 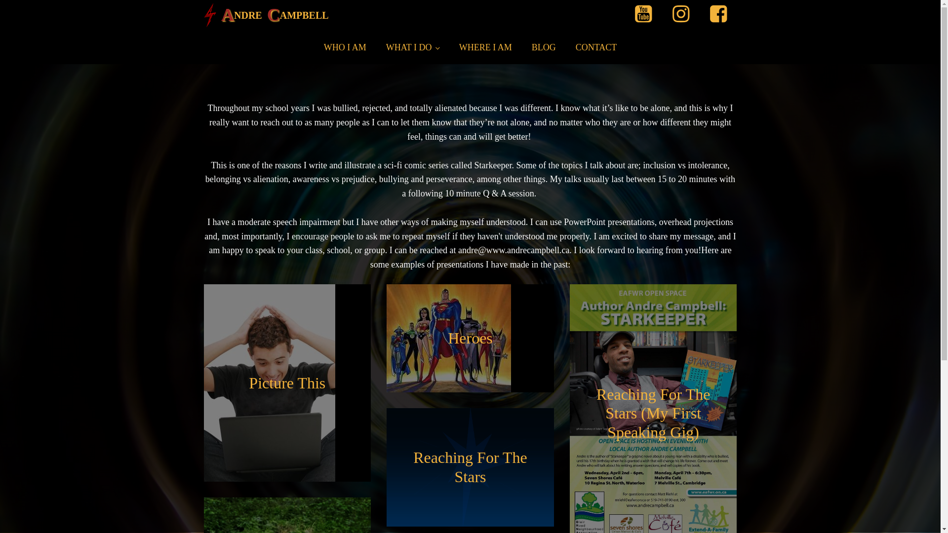 I want to click on 'CONTACT', so click(x=596, y=47).